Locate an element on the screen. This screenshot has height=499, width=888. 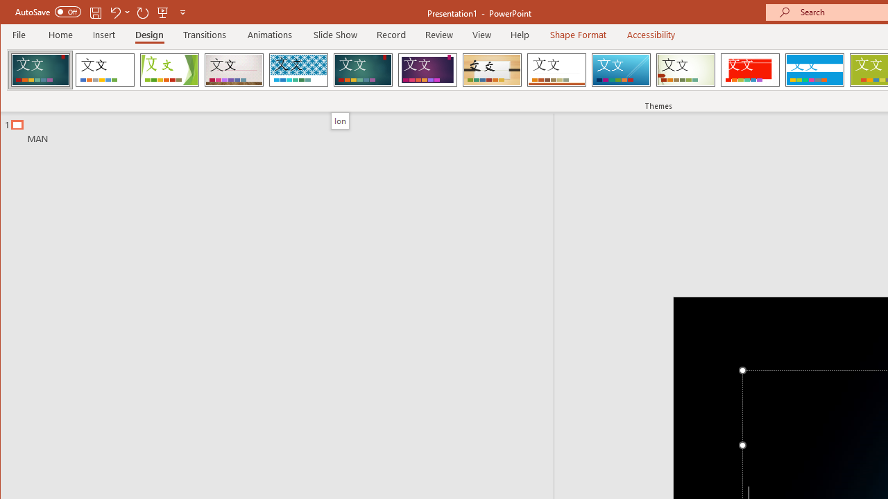
'View' is located at coordinates (482, 34).